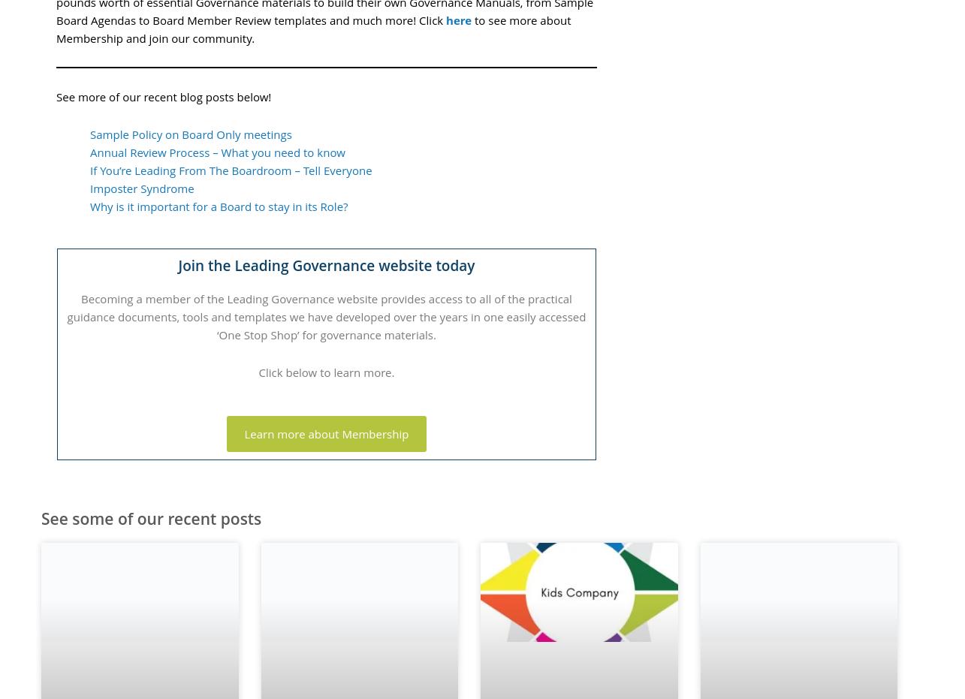 Image resolution: width=965 pixels, height=699 pixels. What do you see at coordinates (326, 432) in the screenshot?
I see `'Learn more about Membership'` at bounding box center [326, 432].